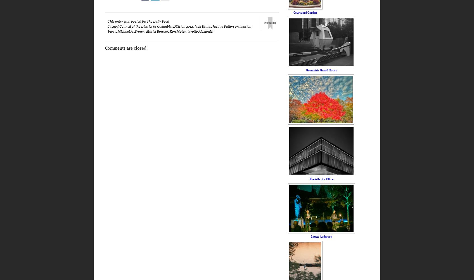 Image resolution: width=474 pixels, height=280 pixels. I want to click on 'The Atlantic Office', so click(321, 179).